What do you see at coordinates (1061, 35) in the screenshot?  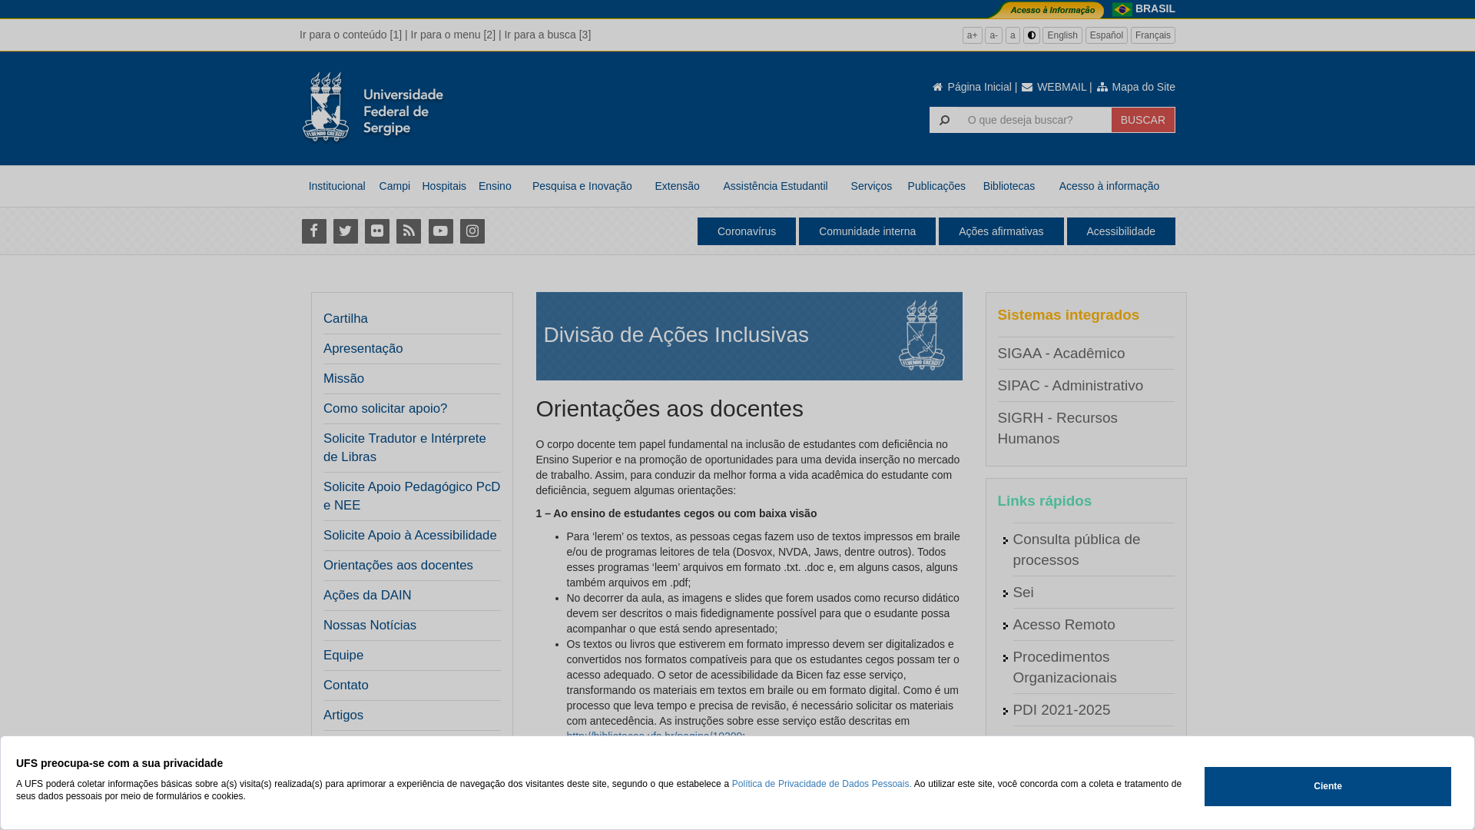 I see `'English'` at bounding box center [1061, 35].